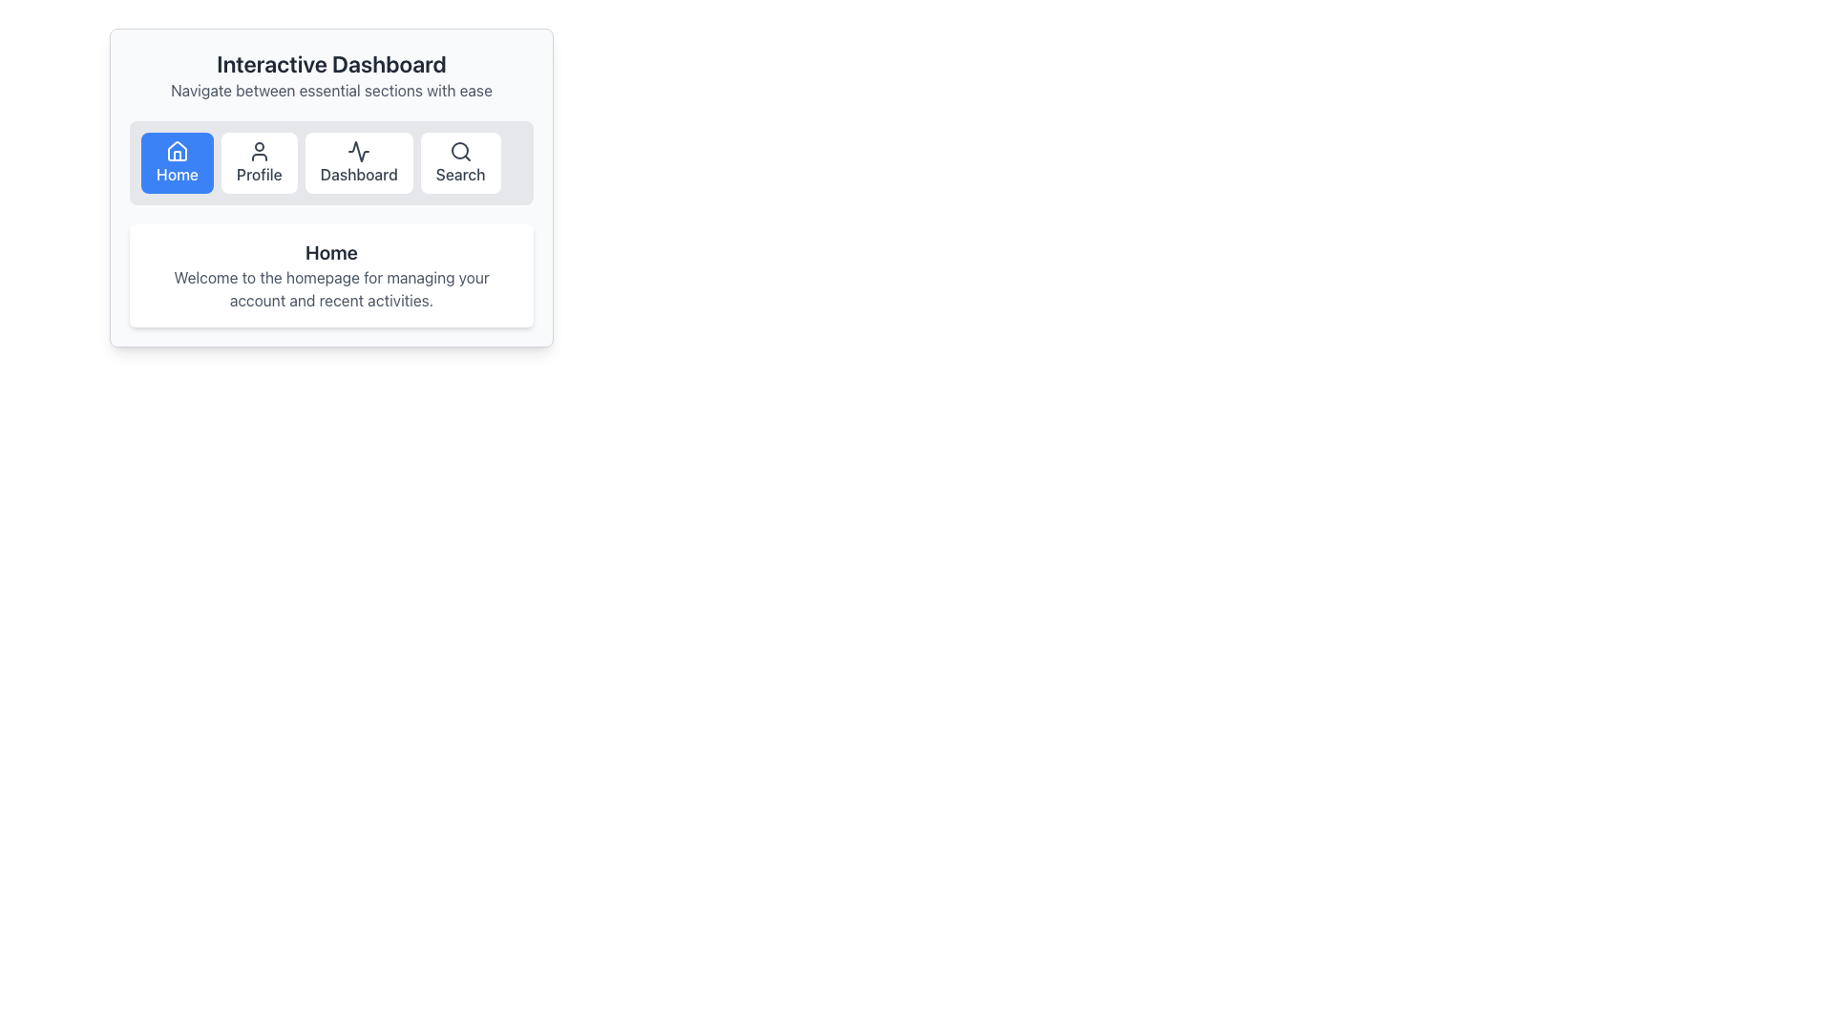 This screenshot has width=1833, height=1031. What do you see at coordinates (459, 150) in the screenshot?
I see `the inner circle of the search icon, which is part of the 'Search' button in the navigation row` at bounding box center [459, 150].